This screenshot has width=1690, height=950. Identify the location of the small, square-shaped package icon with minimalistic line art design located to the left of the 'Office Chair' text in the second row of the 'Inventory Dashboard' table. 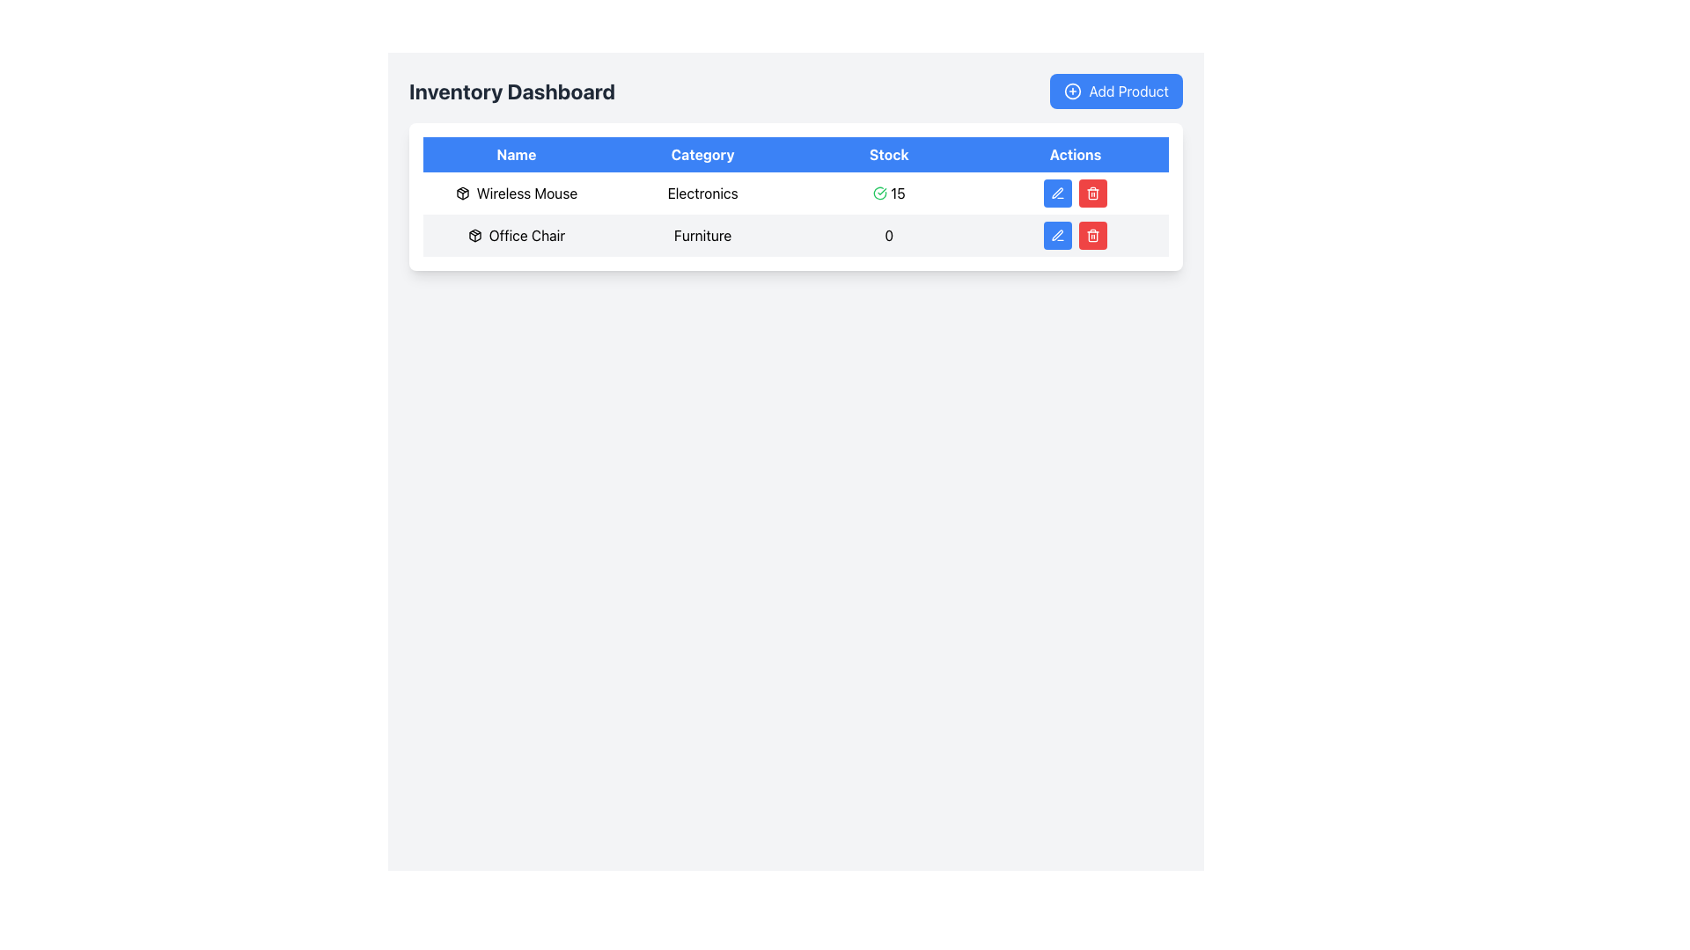
(474, 234).